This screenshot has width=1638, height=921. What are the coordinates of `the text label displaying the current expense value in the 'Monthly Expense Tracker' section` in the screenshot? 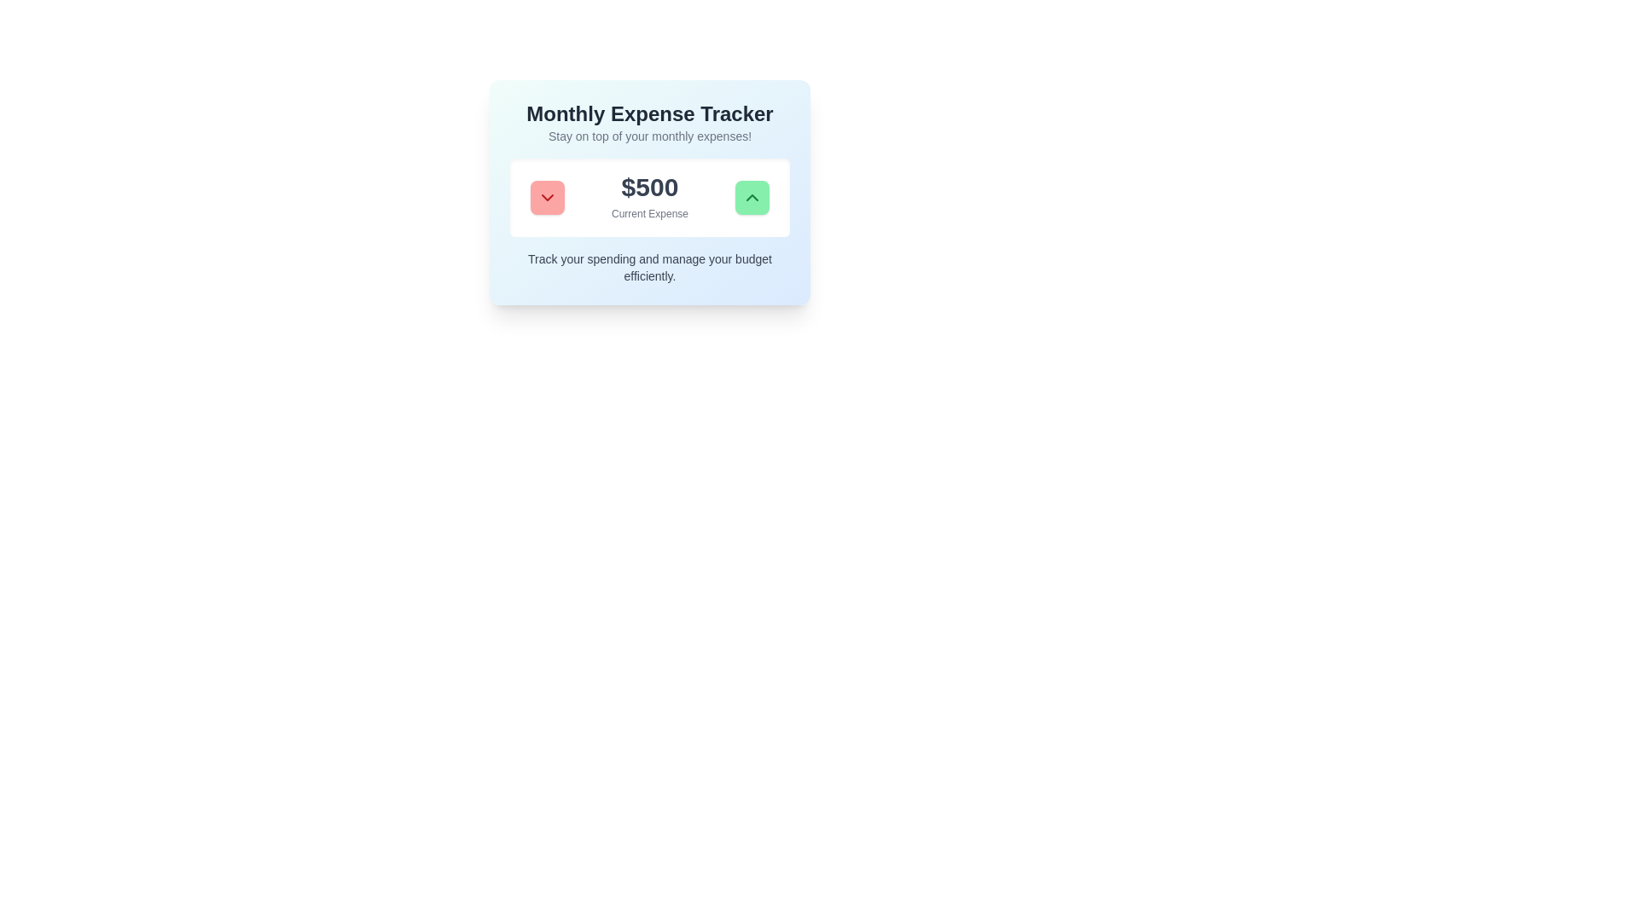 It's located at (649, 196).